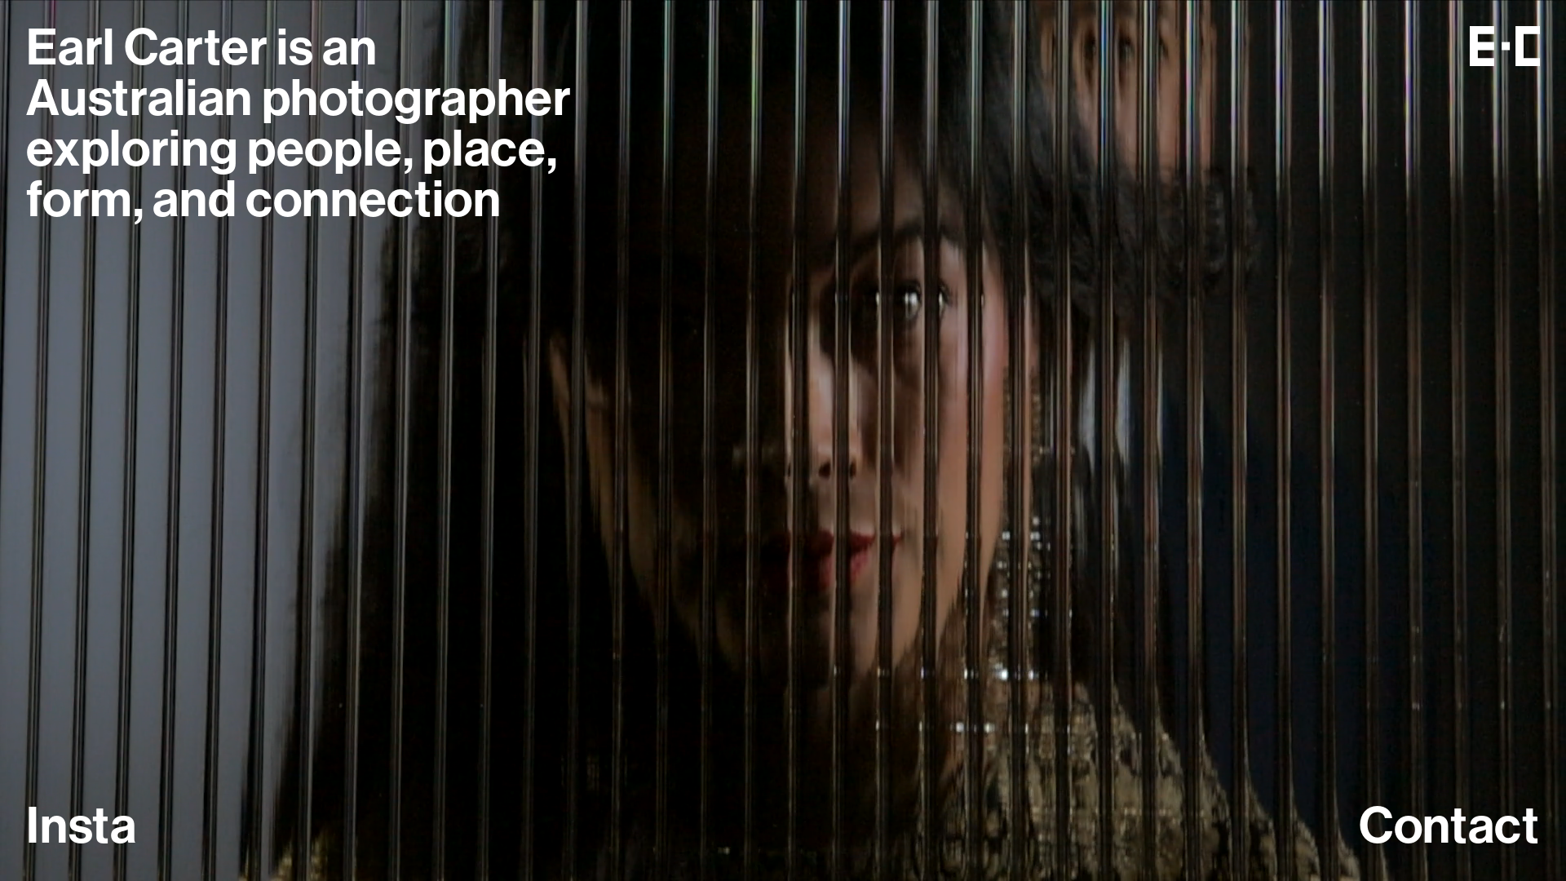  Describe the element at coordinates (1449, 828) in the screenshot. I see `'Contact'` at that location.